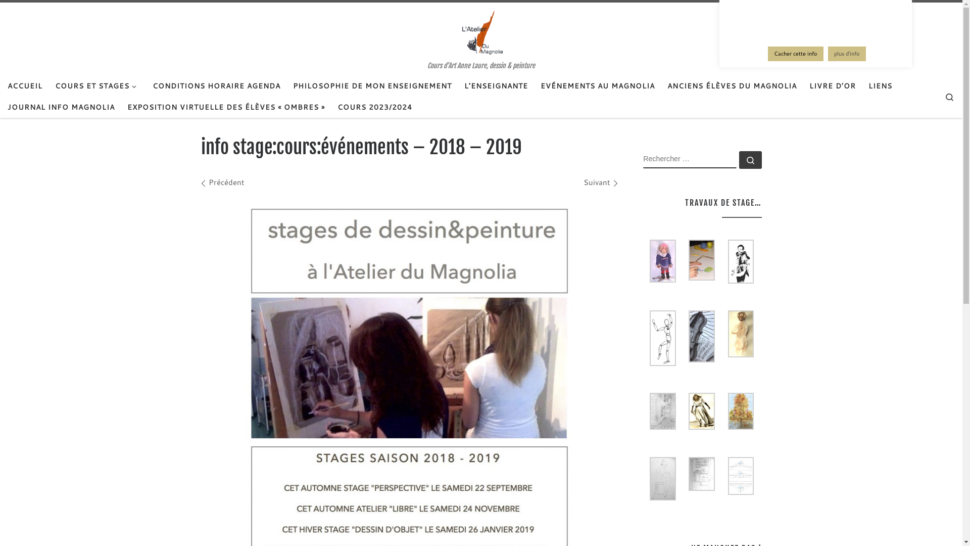 The height and width of the screenshot is (546, 970). Describe the element at coordinates (372, 85) in the screenshot. I see `'PHILOSOPHIE DE MON ENSEIGNEMENT'` at that location.